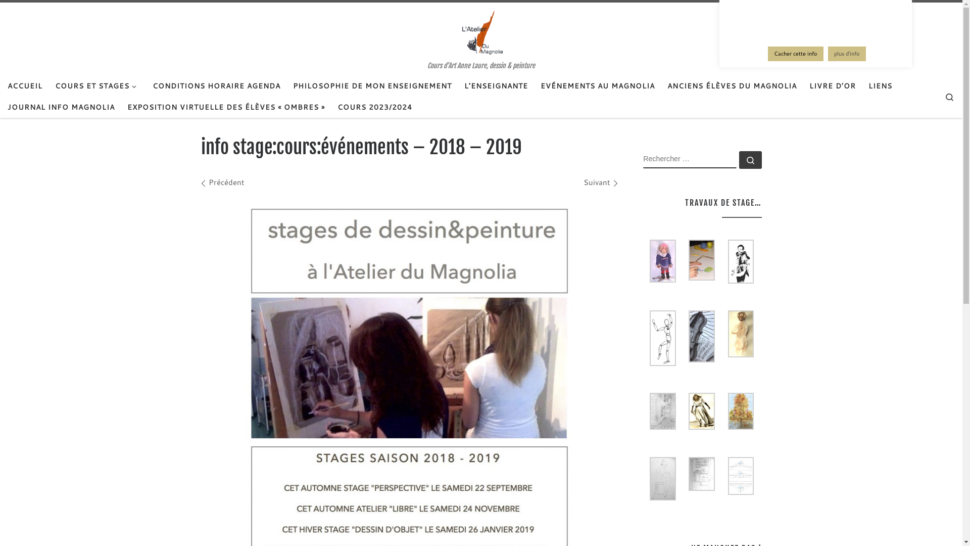 The height and width of the screenshot is (546, 970). Describe the element at coordinates (372, 85) in the screenshot. I see `'PHILOSOPHIE DE MON ENSEIGNEMENT'` at that location.